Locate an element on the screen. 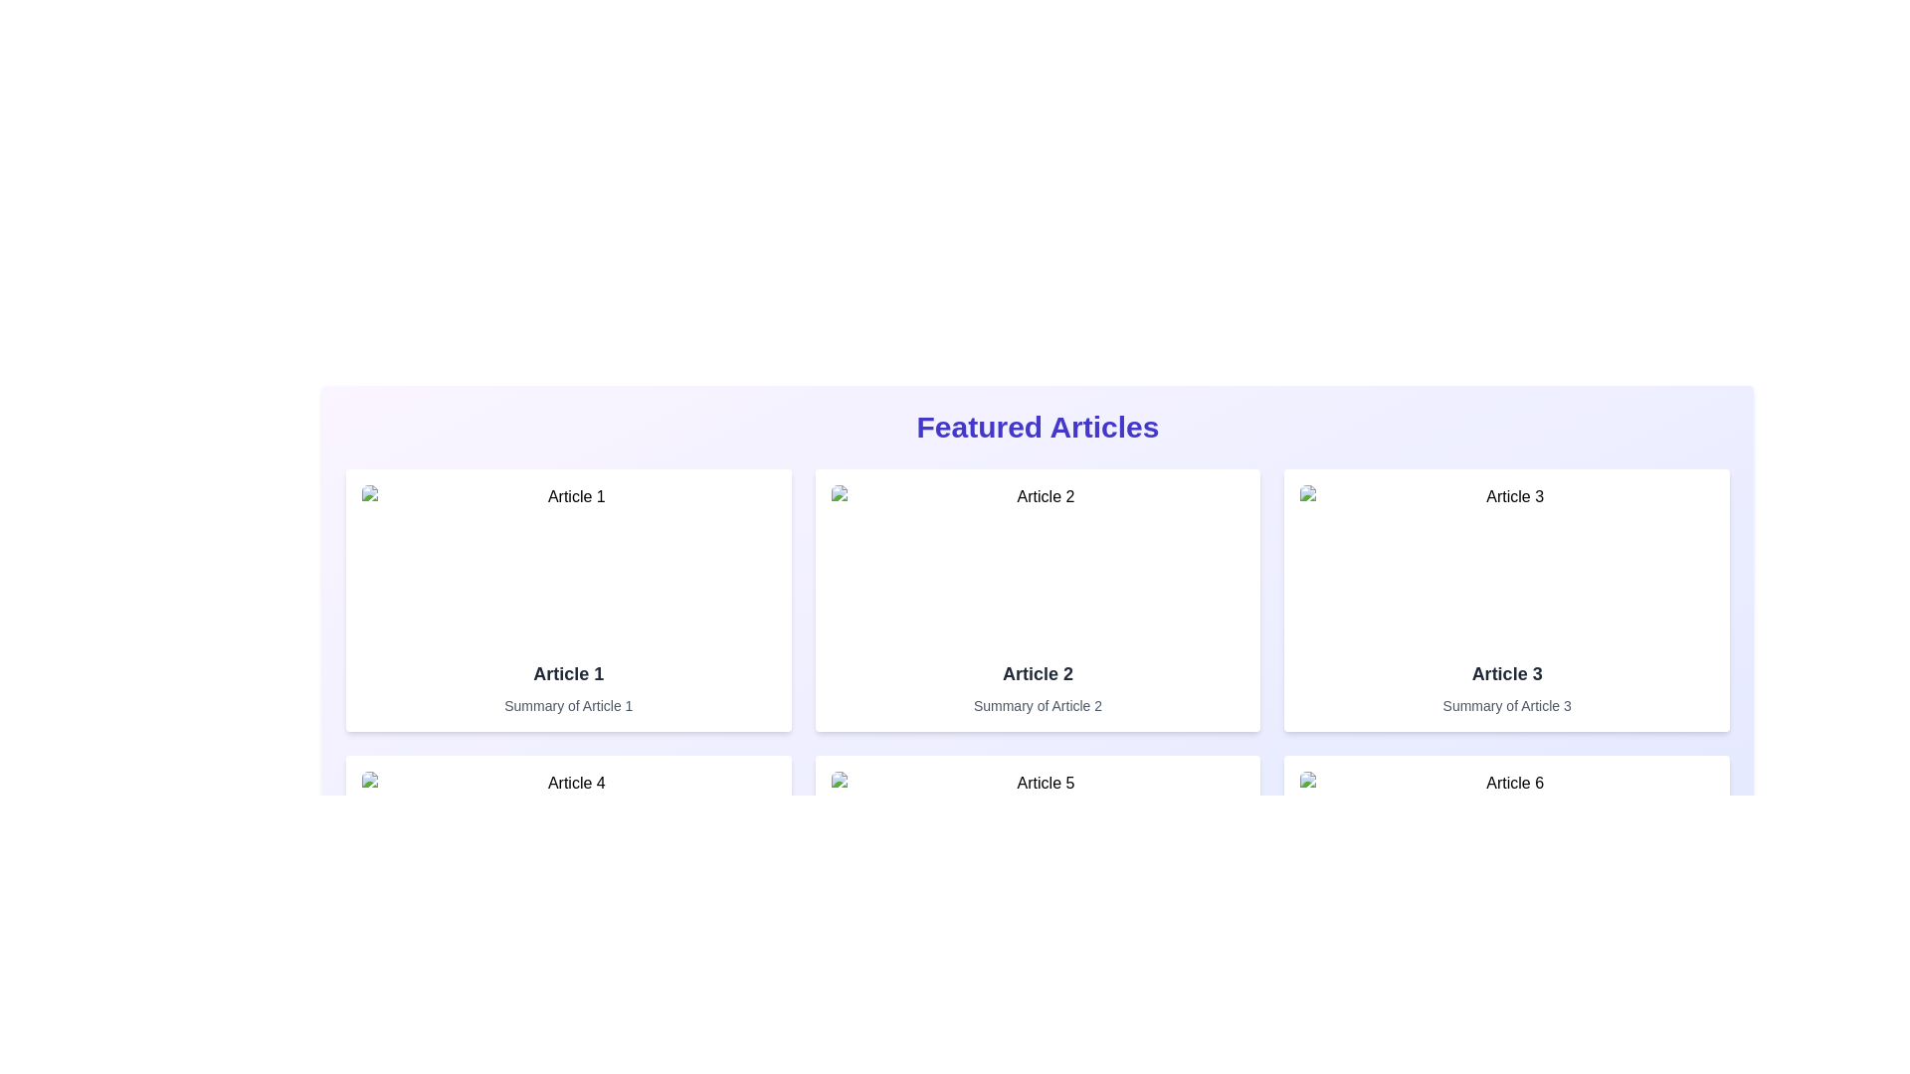 The image size is (1910, 1074). to select or interact with the fourth card in the grid layout that displays a preview of an article, including its title, summary, and representative image is located at coordinates (567, 885).